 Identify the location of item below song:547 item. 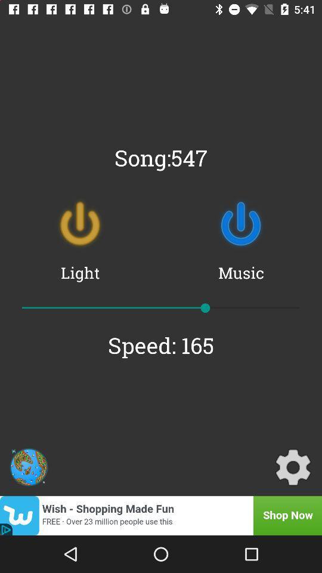
(80, 223).